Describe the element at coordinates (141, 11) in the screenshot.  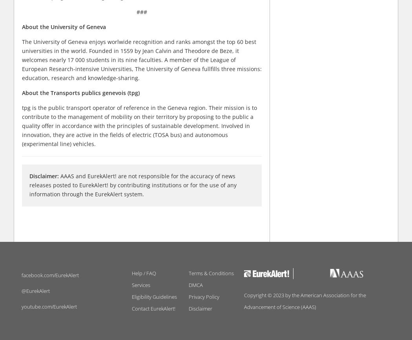
I see `'###'` at that location.